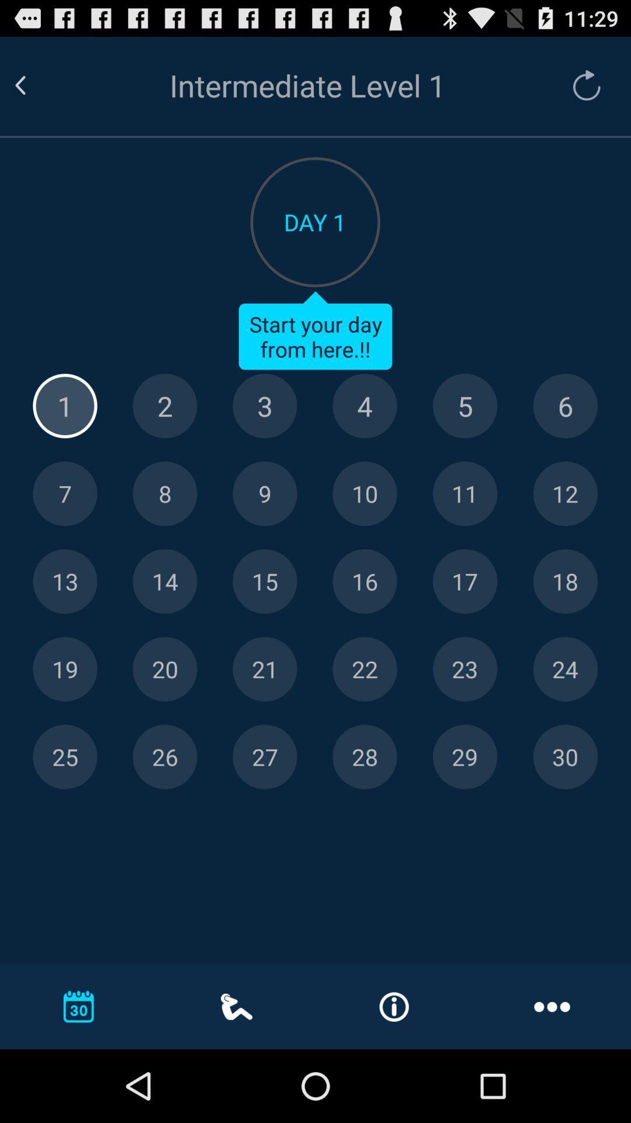 Image resolution: width=631 pixels, height=1123 pixels. What do you see at coordinates (65, 581) in the screenshot?
I see `day 13 option` at bounding box center [65, 581].